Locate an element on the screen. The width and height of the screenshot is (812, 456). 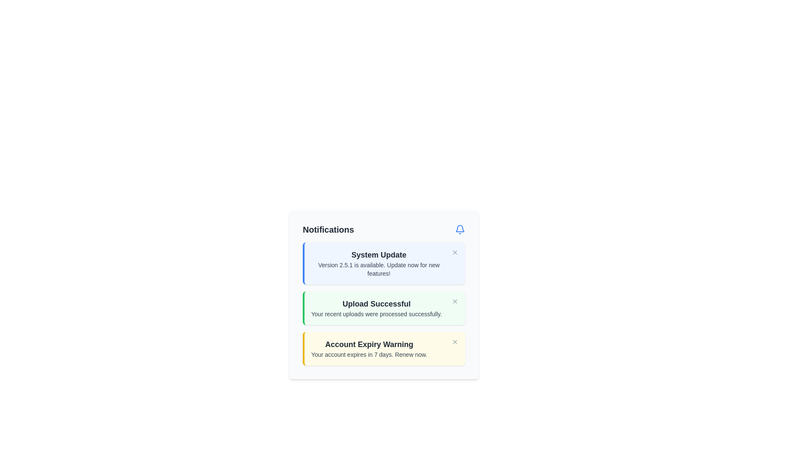
the adjacent interactive elements next to the 'Account Expiry Warning' informational banner, which is styled with a yellow background and a yellow border, and contains a bold title and message text is located at coordinates (384, 348).